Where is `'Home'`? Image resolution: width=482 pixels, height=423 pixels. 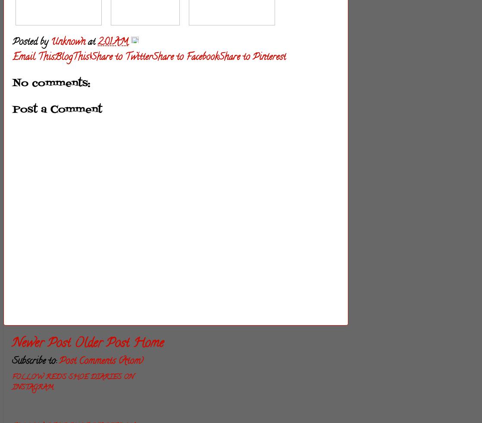 'Home' is located at coordinates (133, 344).